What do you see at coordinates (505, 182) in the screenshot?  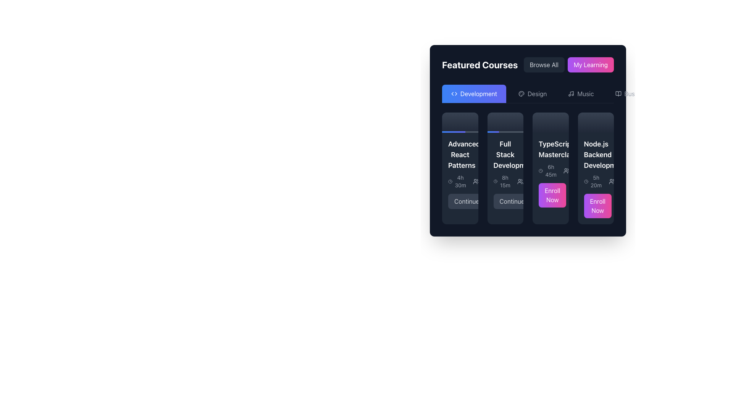 I see `the text displaying the duration of the course, located to the right of the clock icon in the second item of the course cards list under 'Full Stack Development'` at bounding box center [505, 182].